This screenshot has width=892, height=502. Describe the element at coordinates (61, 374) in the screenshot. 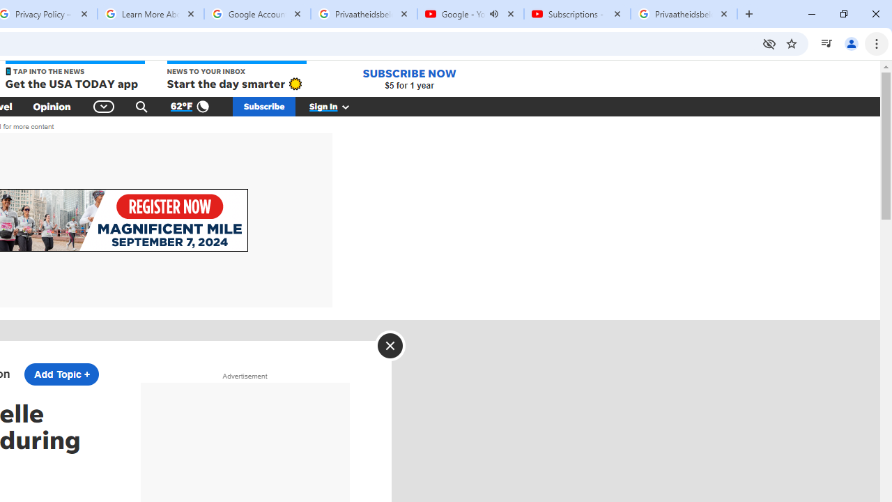

I see `'Add Topic'` at that location.